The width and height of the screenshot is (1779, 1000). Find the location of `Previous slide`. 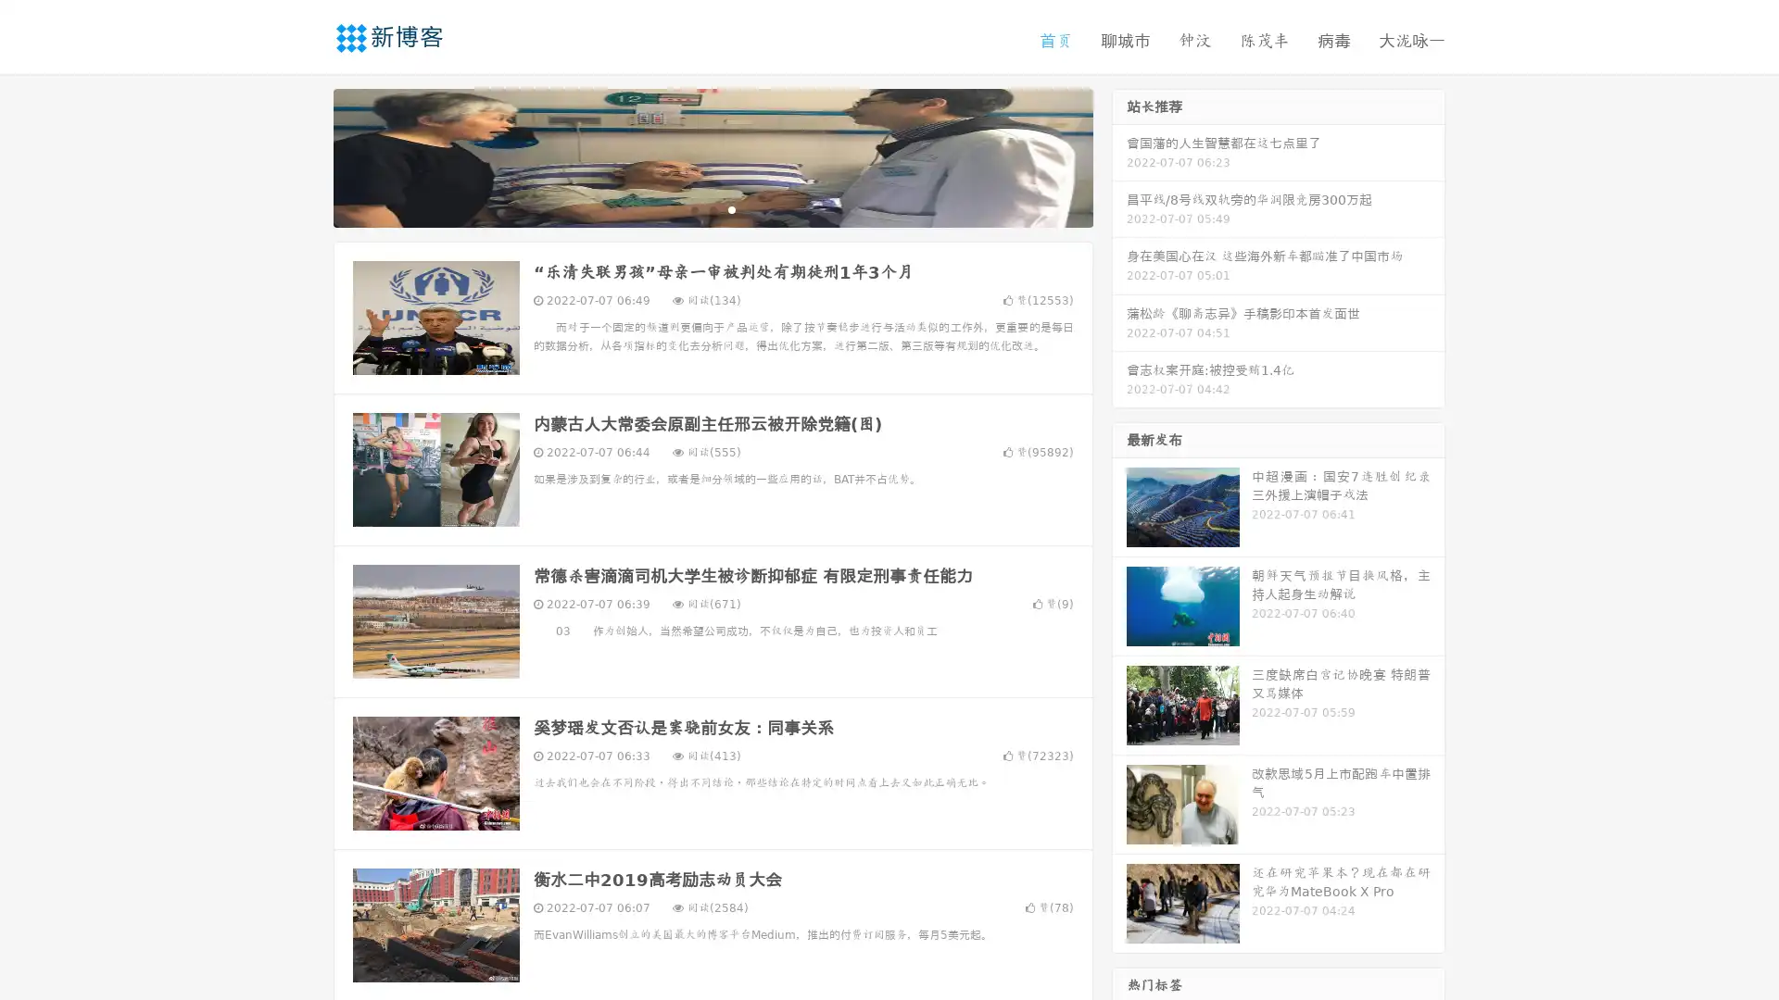

Previous slide is located at coordinates (306, 156).